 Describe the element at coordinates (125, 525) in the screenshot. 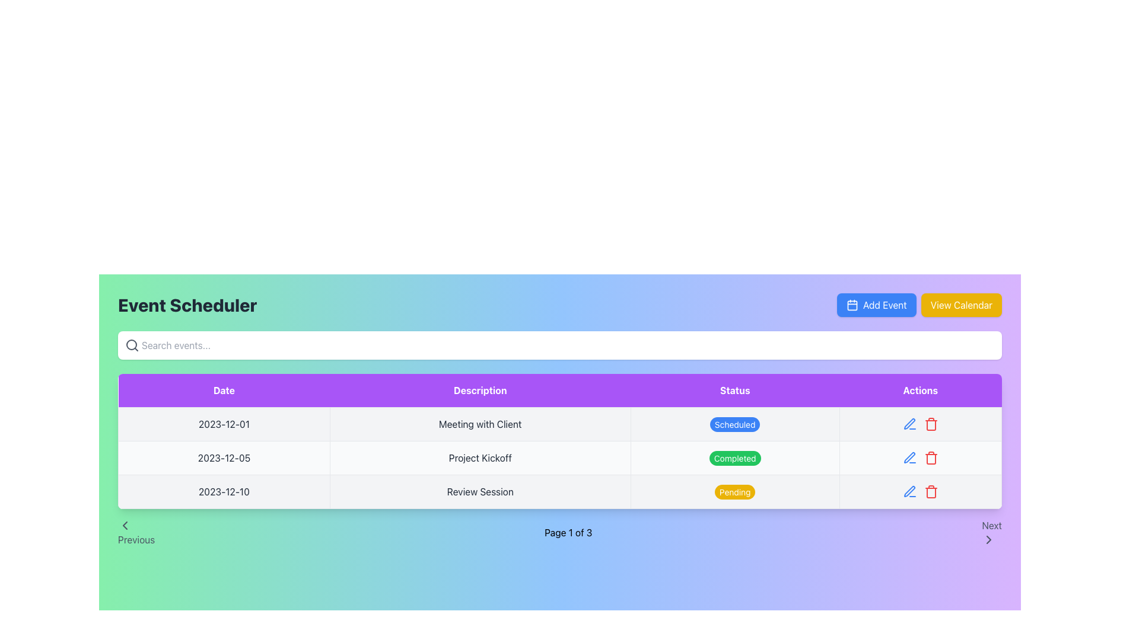

I see `the leftward chevron SVG icon in the navigation section` at that location.